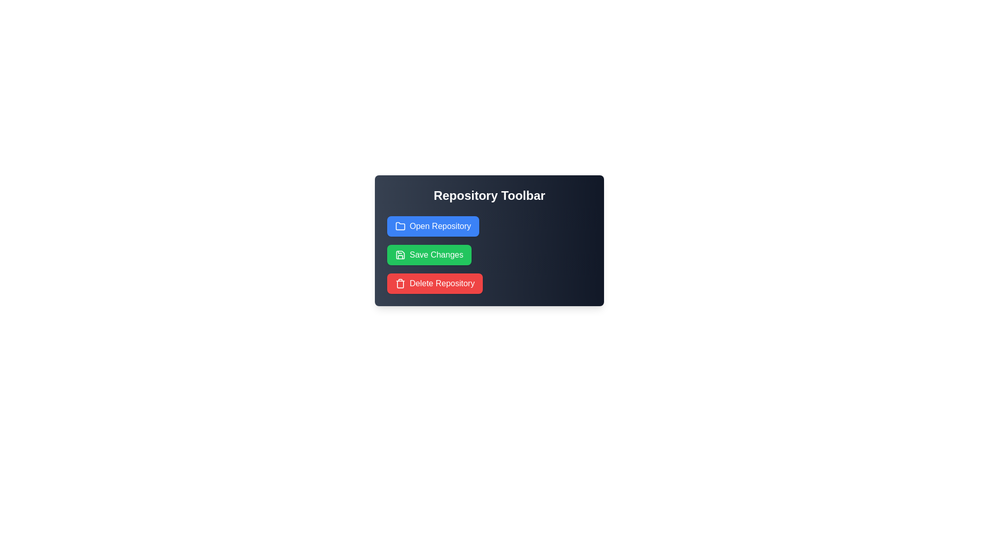  Describe the element at coordinates (399, 226) in the screenshot. I see `the folder-shaped SVG icon with a blue border located to the left of the text 'Open Repository' within the 'Open Repository' button` at that location.